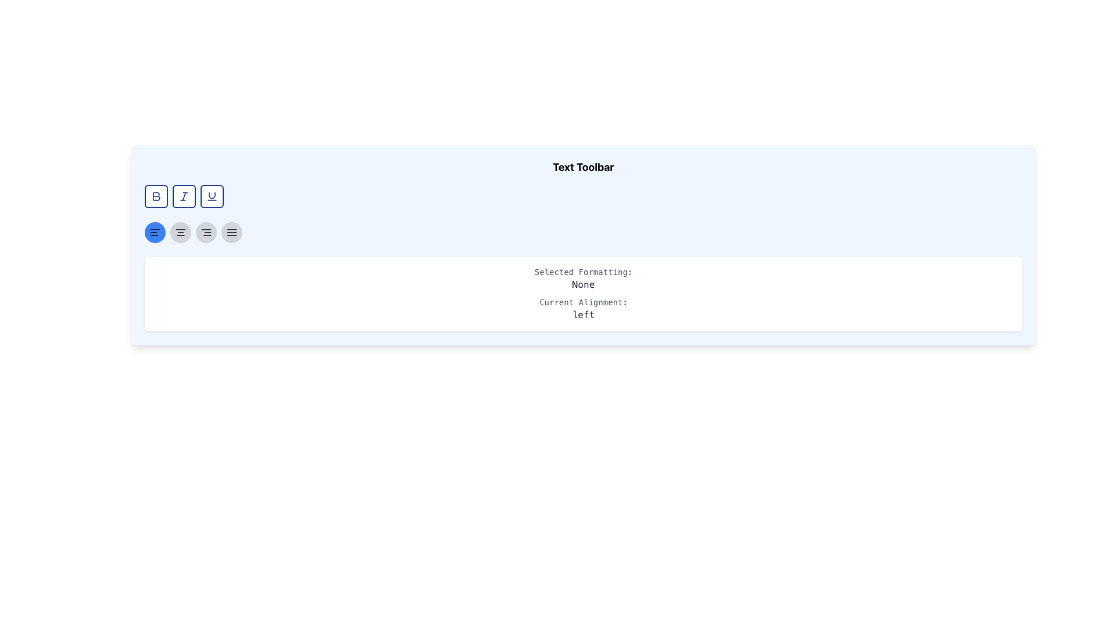  What do you see at coordinates (155, 196) in the screenshot?
I see `the bold text formatting icon button, which is the first icon in a row of formatting tools` at bounding box center [155, 196].